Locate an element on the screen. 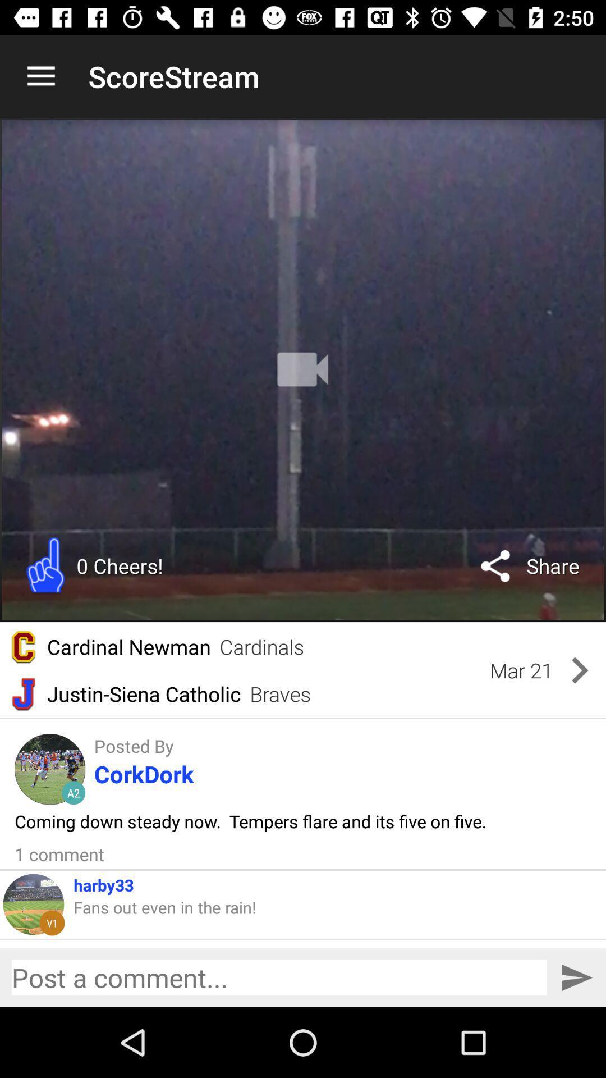 Image resolution: width=606 pixels, height=1078 pixels. submit comment is located at coordinates (576, 977).